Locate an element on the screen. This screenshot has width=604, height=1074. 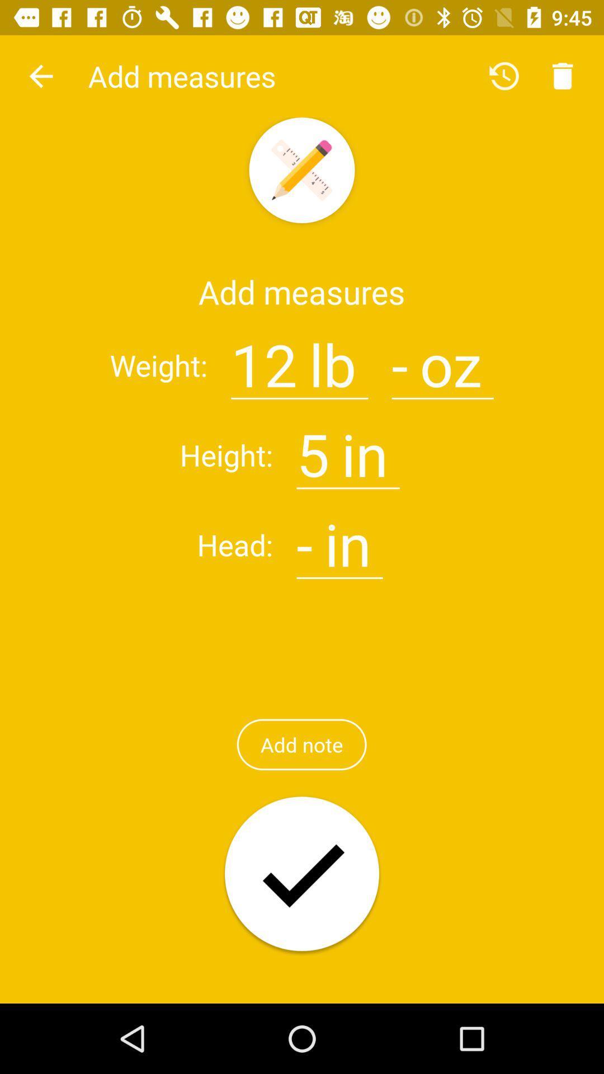
item to the right of : item is located at coordinates (264, 358).